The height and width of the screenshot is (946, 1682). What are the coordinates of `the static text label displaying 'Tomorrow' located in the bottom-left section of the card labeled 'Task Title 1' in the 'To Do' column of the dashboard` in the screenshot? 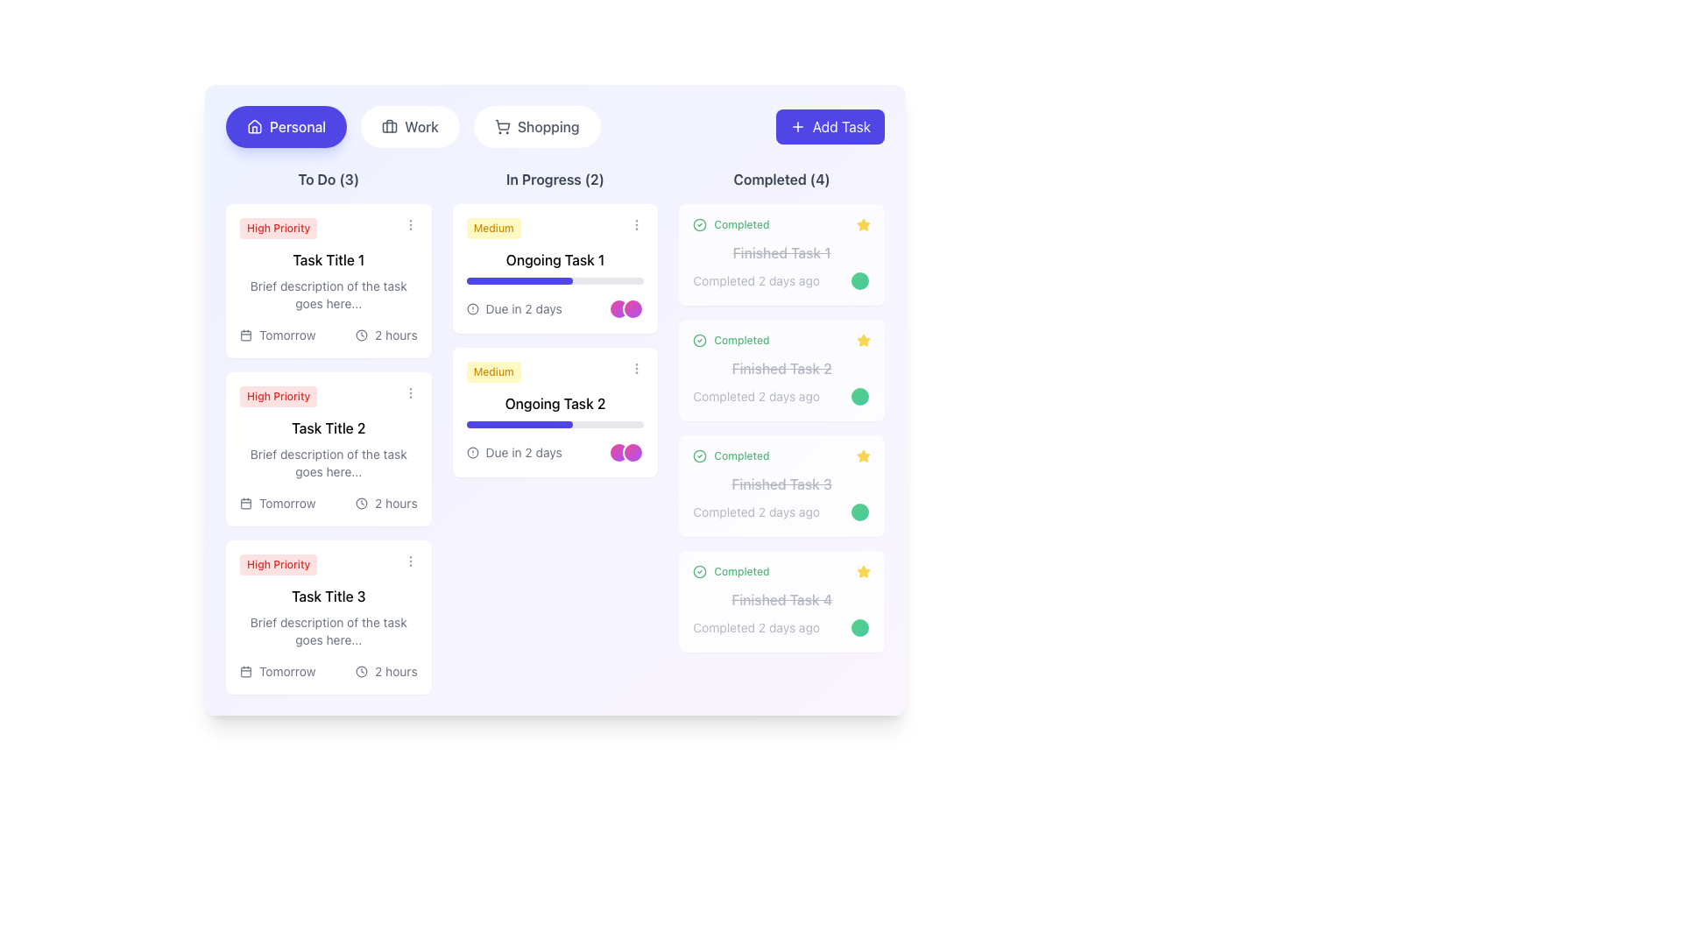 It's located at (287, 335).